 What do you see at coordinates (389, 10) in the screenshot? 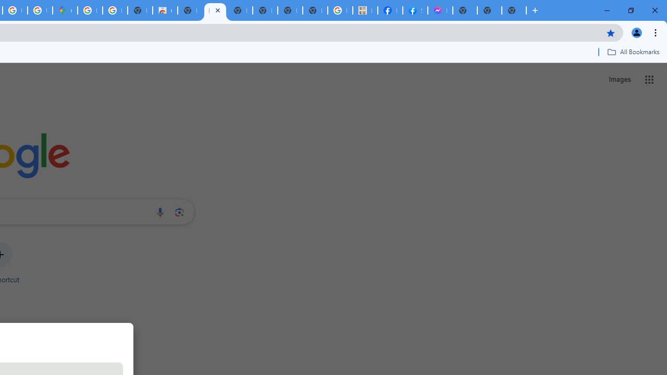
I see `'Miley Cyrus | Facebook'` at bounding box center [389, 10].